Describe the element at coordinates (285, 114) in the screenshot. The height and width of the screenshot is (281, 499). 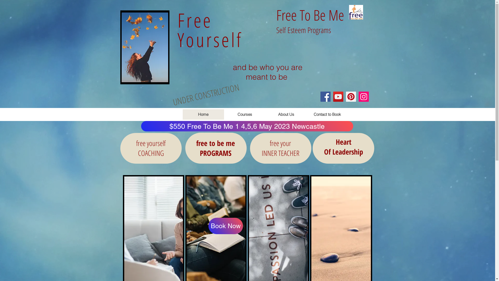
I see `'About Us'` at that location.